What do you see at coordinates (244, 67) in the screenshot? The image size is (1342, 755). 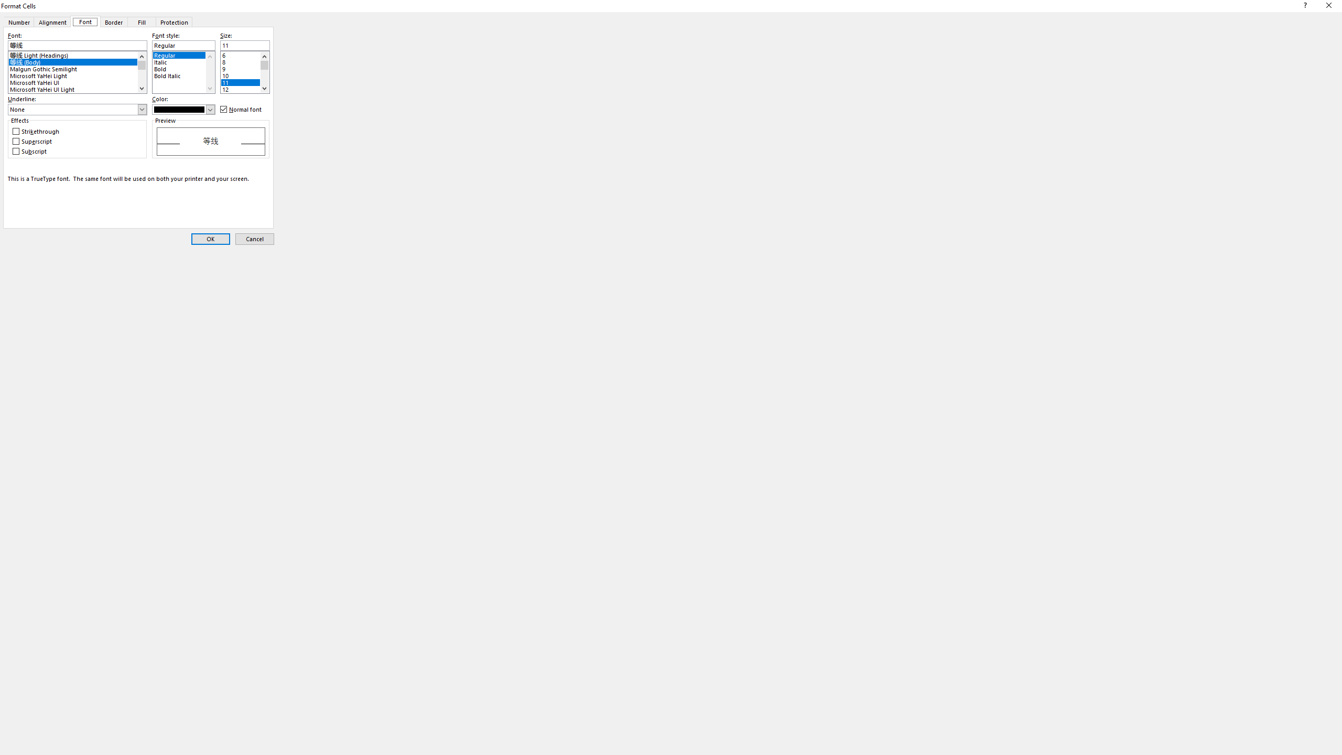 I see `'9'` at bounding box center [244, 67].